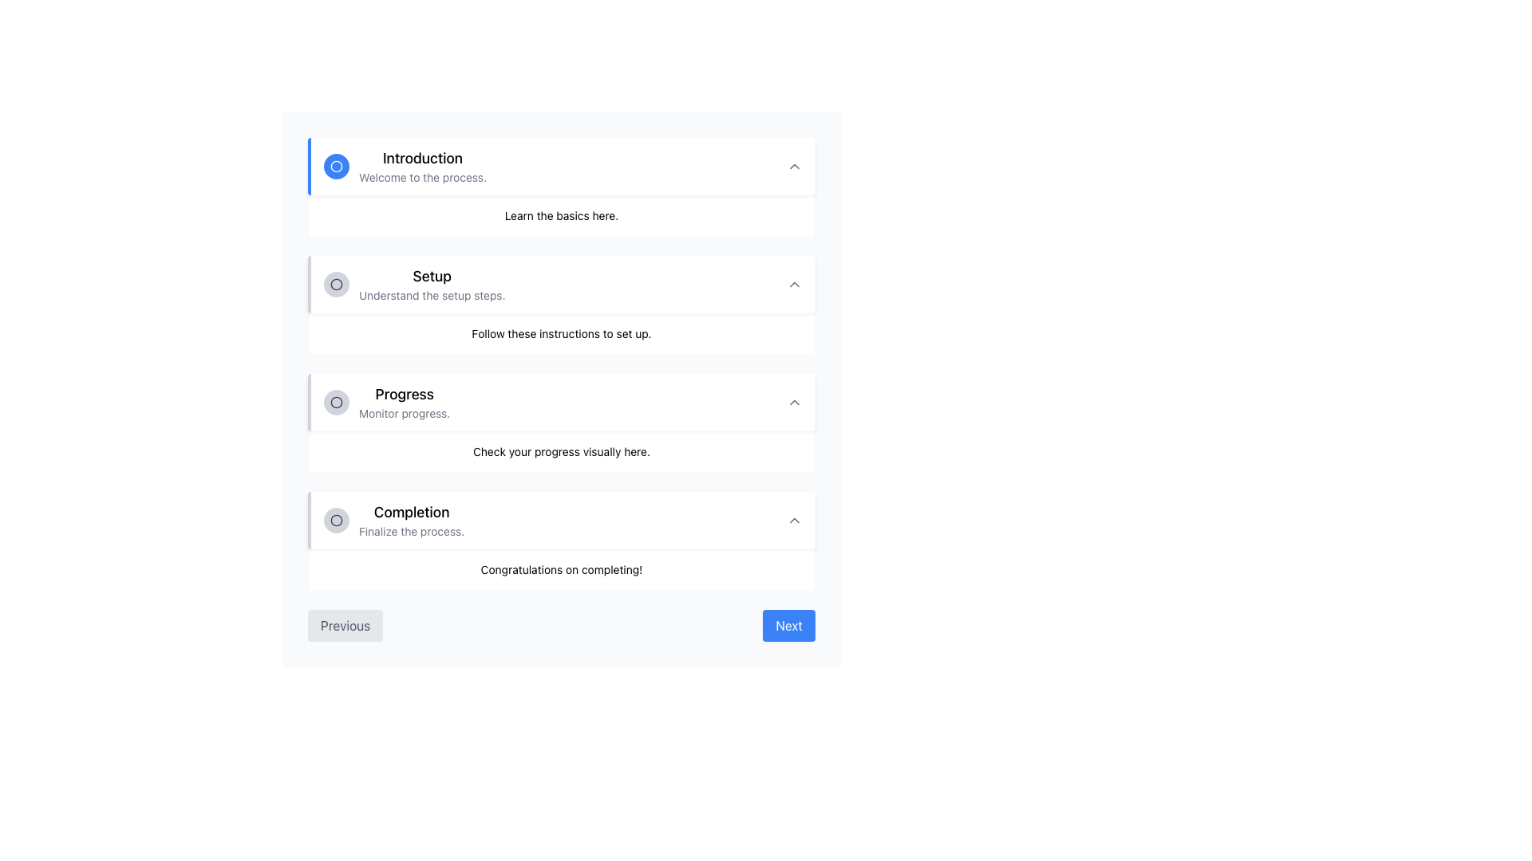 This screenshot has width=1532, height=861. I want to click on the 'Completion' text element, which is bold and larger in font size, located under the 'Progress' section and above the navigation buttons, so click(394, 520).